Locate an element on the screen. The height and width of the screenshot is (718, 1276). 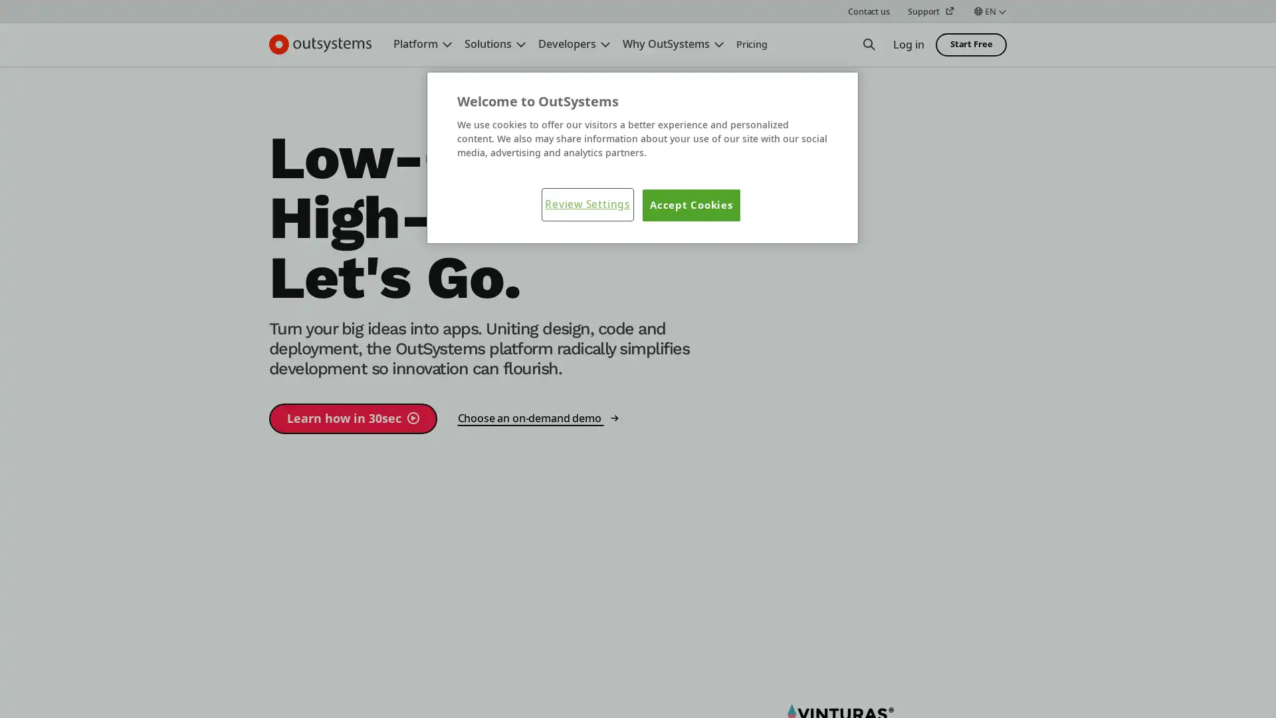
Why OutSystems is located at coordinates (673, 43).